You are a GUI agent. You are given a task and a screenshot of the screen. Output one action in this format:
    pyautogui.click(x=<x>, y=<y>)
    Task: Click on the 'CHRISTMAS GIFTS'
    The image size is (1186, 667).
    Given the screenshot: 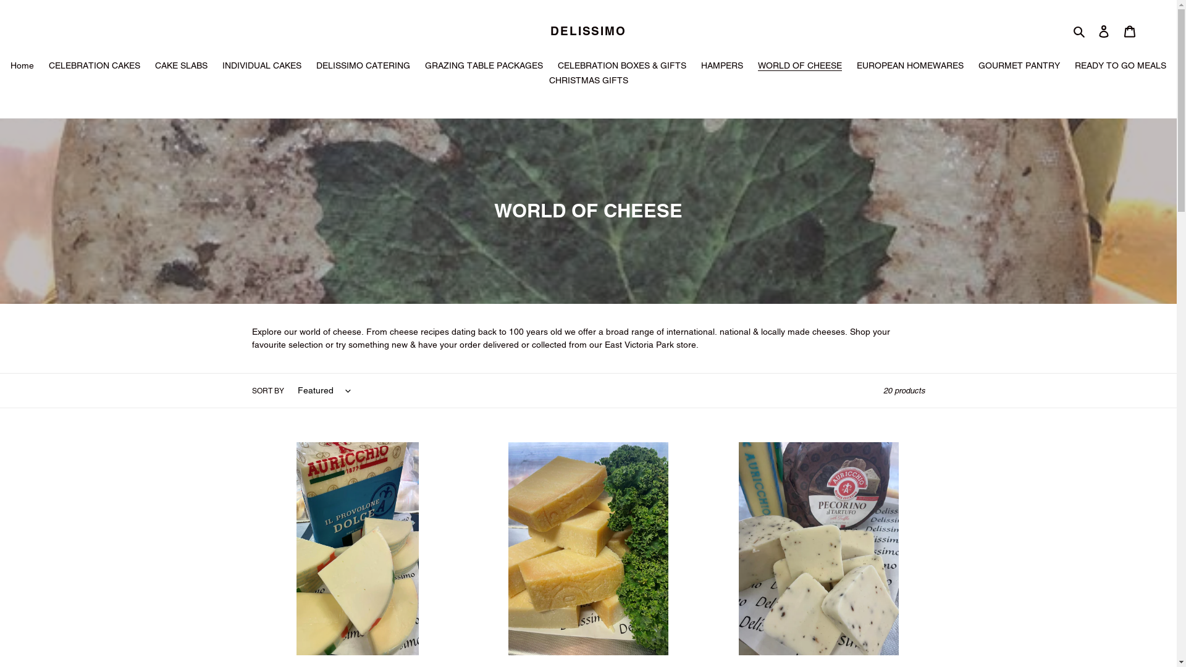 What is the action you would take?
    pyautogui.click(x=587, y=81)
    